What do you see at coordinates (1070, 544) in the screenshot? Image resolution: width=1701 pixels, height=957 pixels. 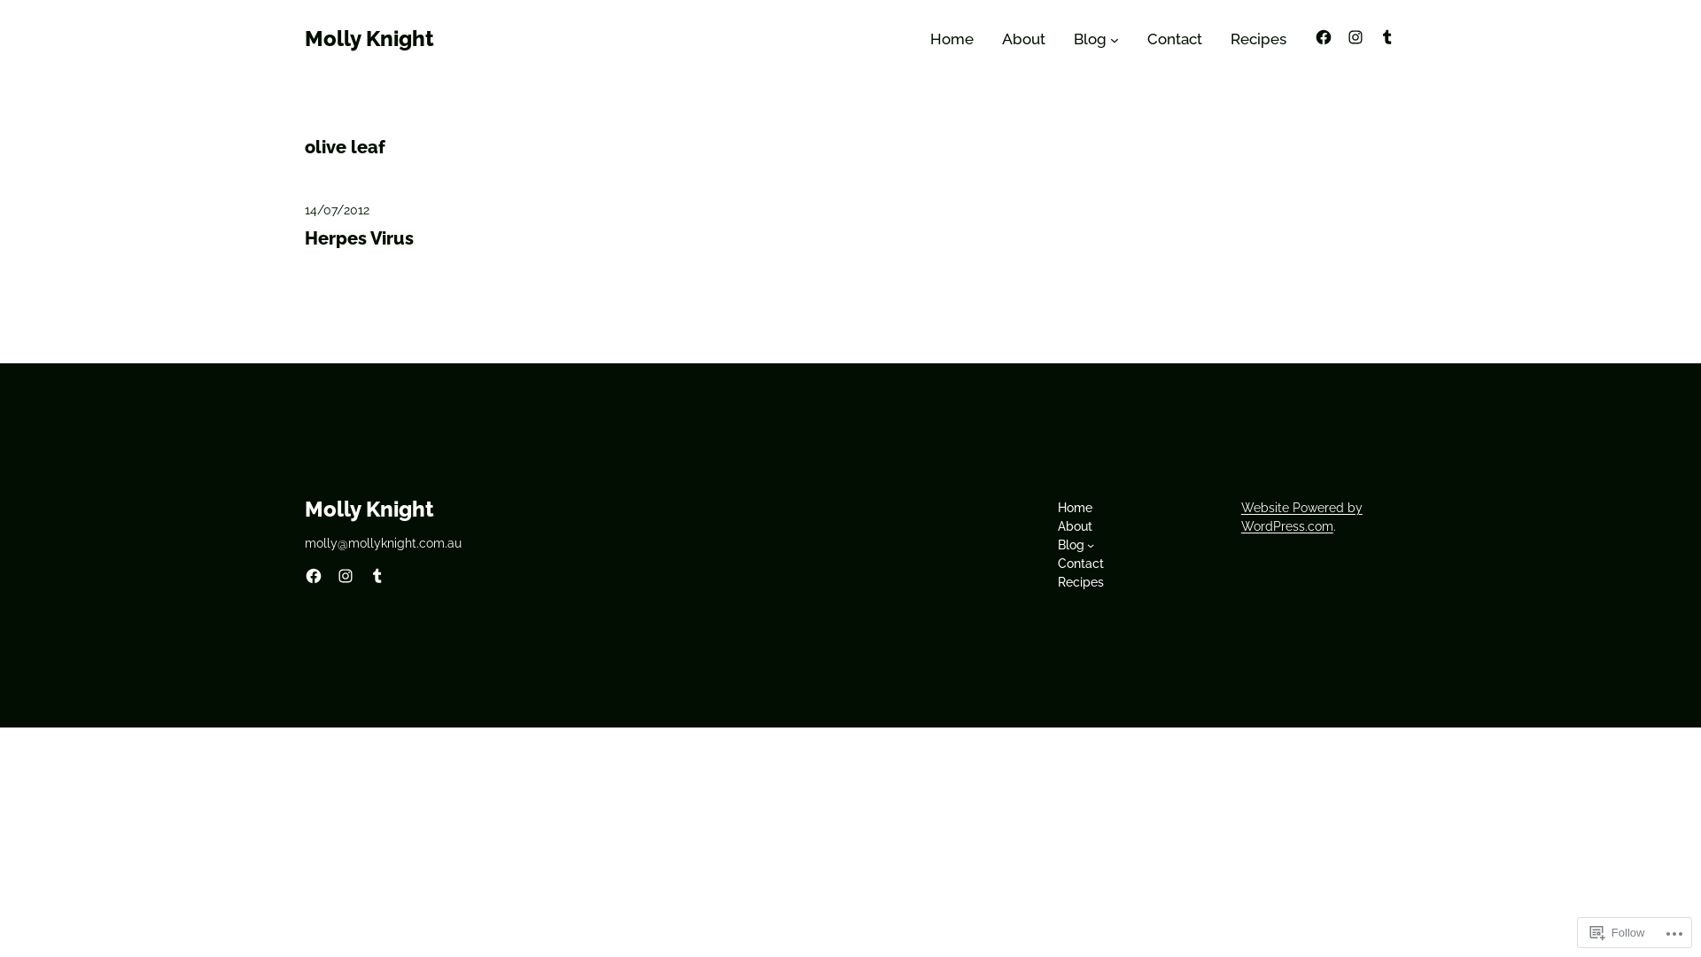 I see `'Blog'` at bounding box center [1070, 544].